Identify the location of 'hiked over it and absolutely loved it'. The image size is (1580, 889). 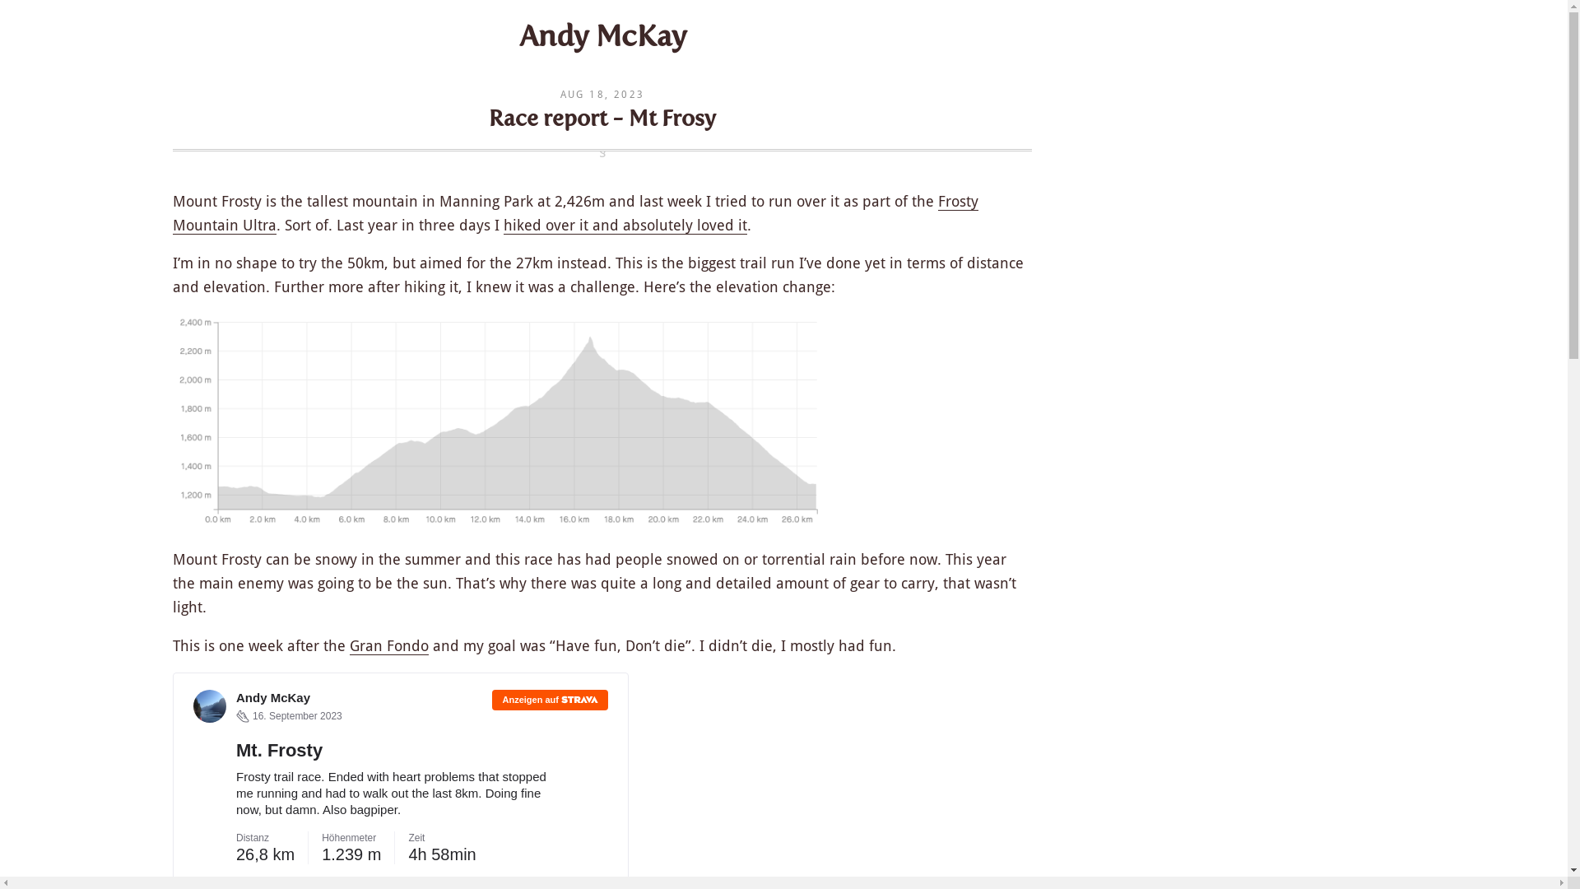
(624, 225).